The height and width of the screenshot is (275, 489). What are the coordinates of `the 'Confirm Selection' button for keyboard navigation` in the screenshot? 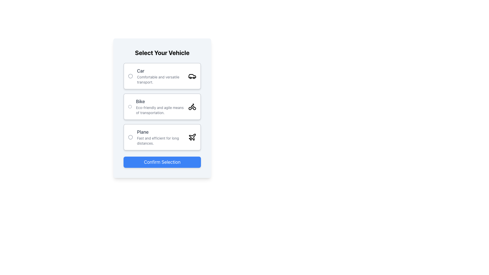 It's located at (162, 162).